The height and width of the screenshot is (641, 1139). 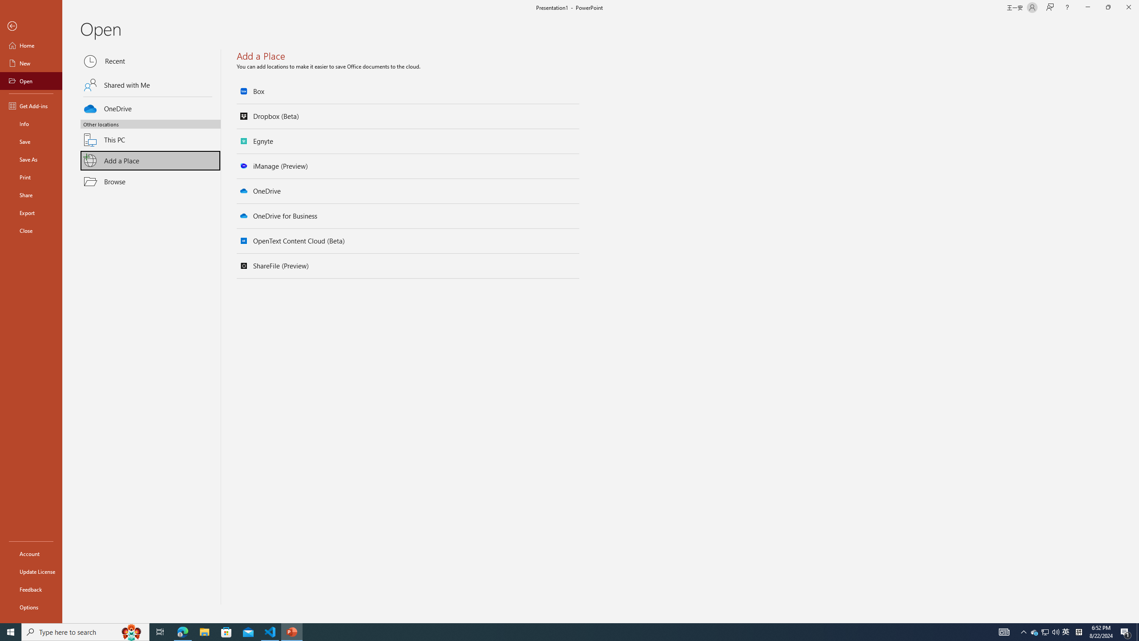 I want to click on 'Export', so click(x=31, y=213).